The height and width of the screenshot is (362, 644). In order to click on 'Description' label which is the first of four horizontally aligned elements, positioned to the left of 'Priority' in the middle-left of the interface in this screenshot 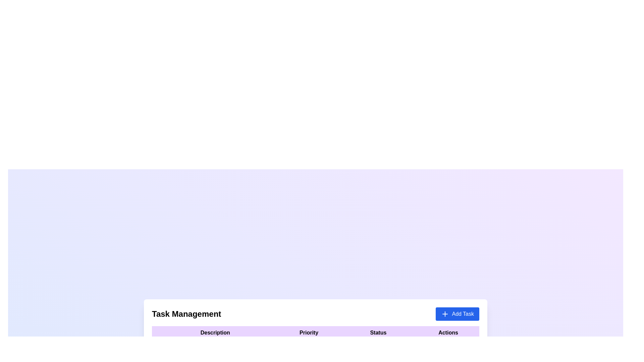, I will do `click(215, 333)`.